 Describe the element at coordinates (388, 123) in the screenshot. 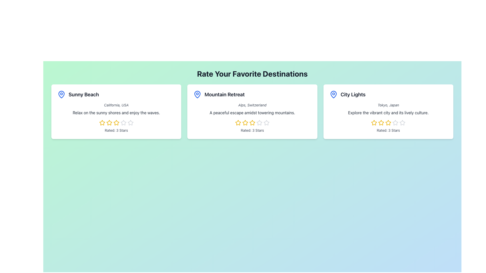

I see `the fourth star icon with a golden-yellow outline in the rating section of the 'City Lights' destination card` at that location.